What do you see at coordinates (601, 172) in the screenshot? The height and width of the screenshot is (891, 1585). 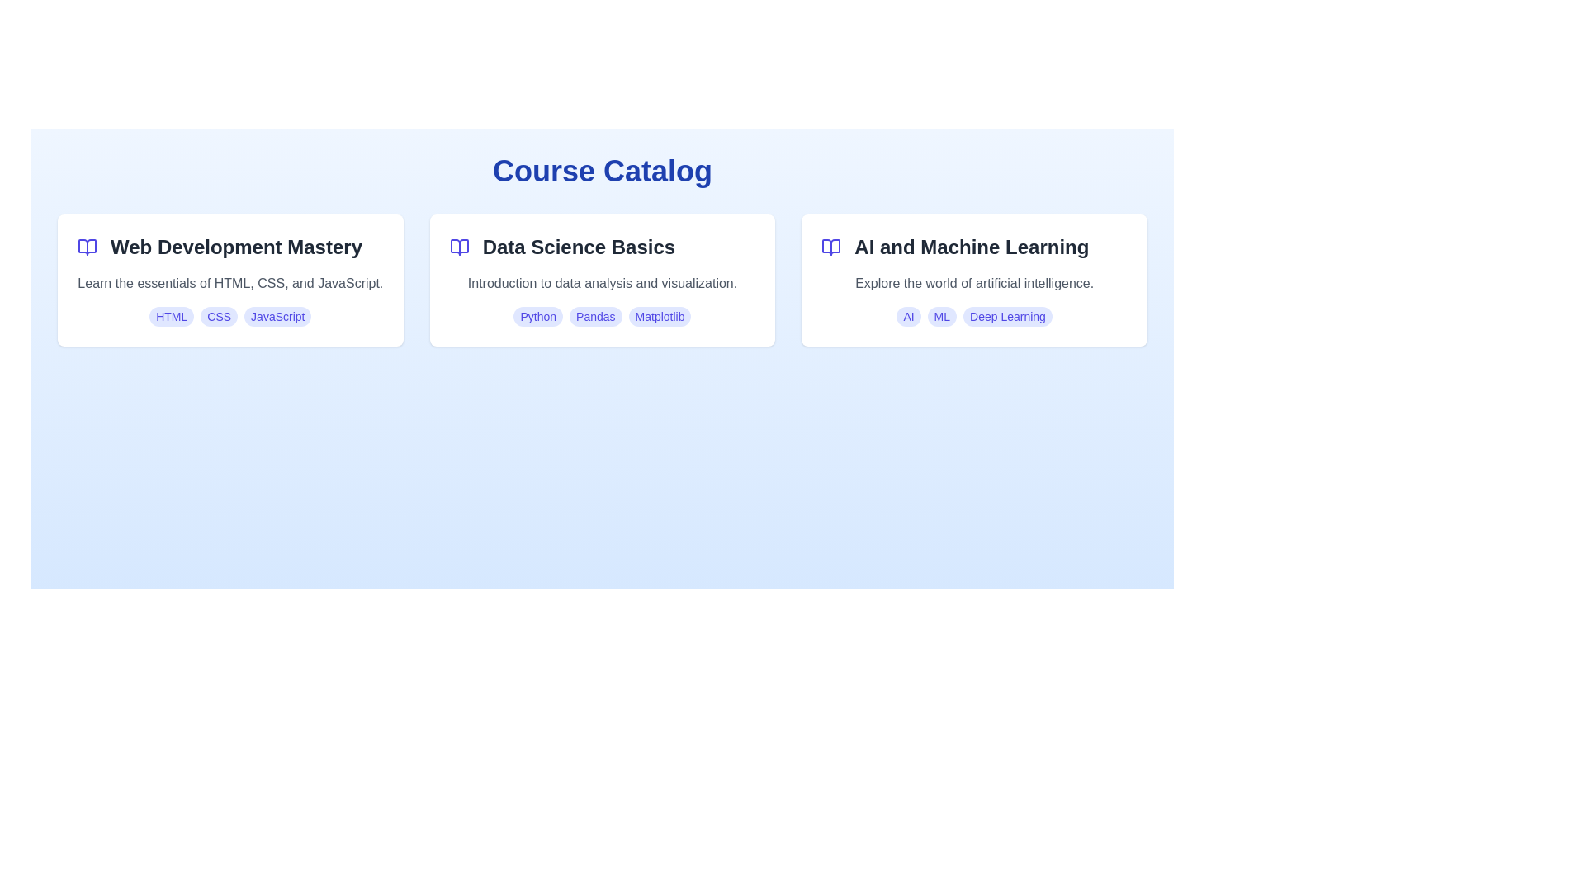 I see `the static text element displaying 'Course Catalog' in blue at the top center of the page` at bounding box center [601, 172].